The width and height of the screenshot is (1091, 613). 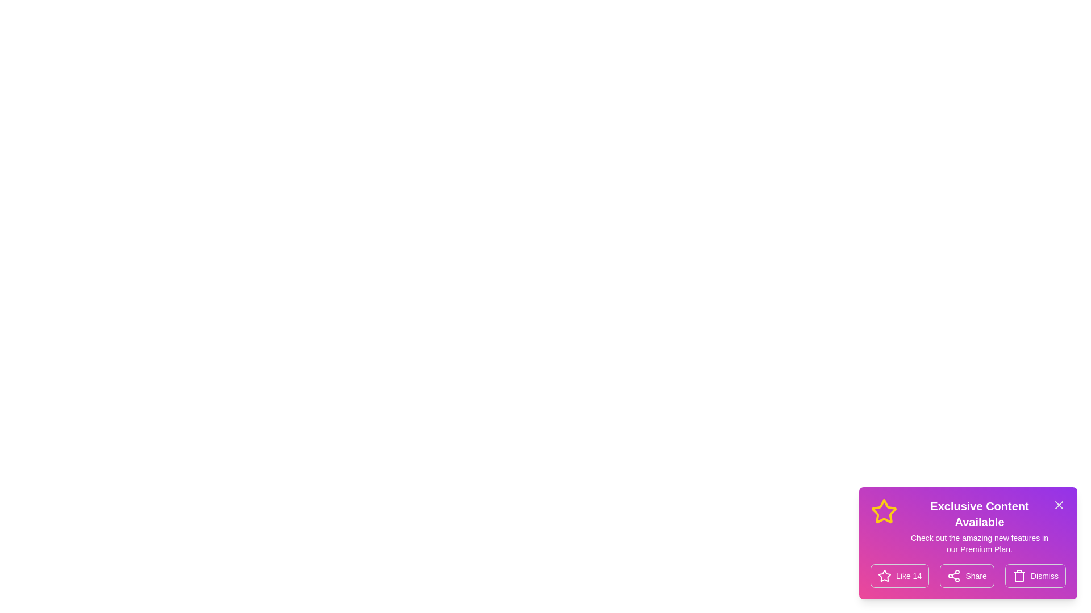 What do you see at coordinates (899, 576) in the screenshot?
I see `the 'Like' button to increase the like count` at bounding box center [899, 576].